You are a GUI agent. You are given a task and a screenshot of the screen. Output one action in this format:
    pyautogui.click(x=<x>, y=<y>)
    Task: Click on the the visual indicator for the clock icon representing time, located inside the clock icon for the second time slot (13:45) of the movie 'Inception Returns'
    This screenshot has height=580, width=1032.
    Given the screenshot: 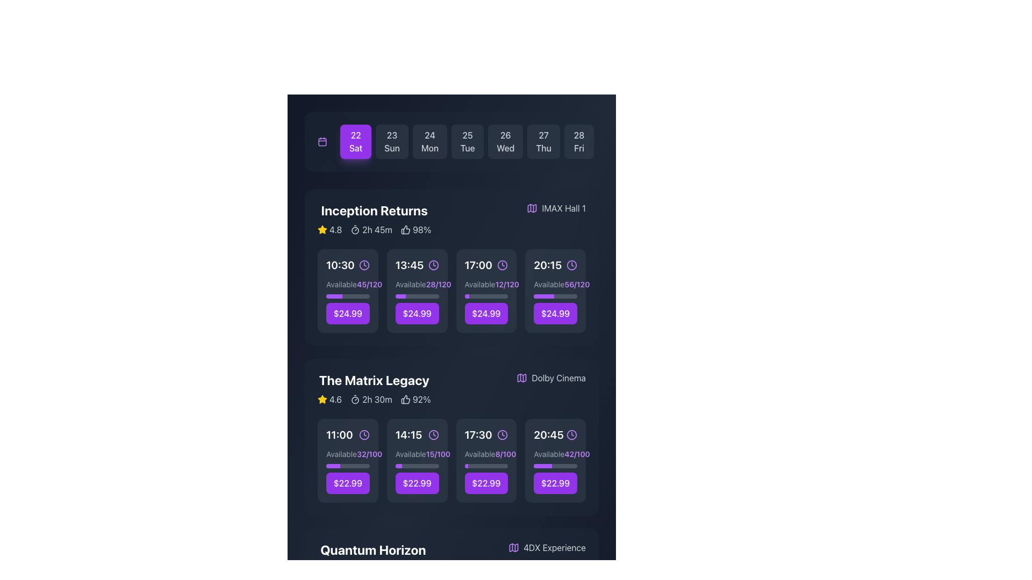 What is the action you would take?
    pyautogui.click(x=433, y=265)
    